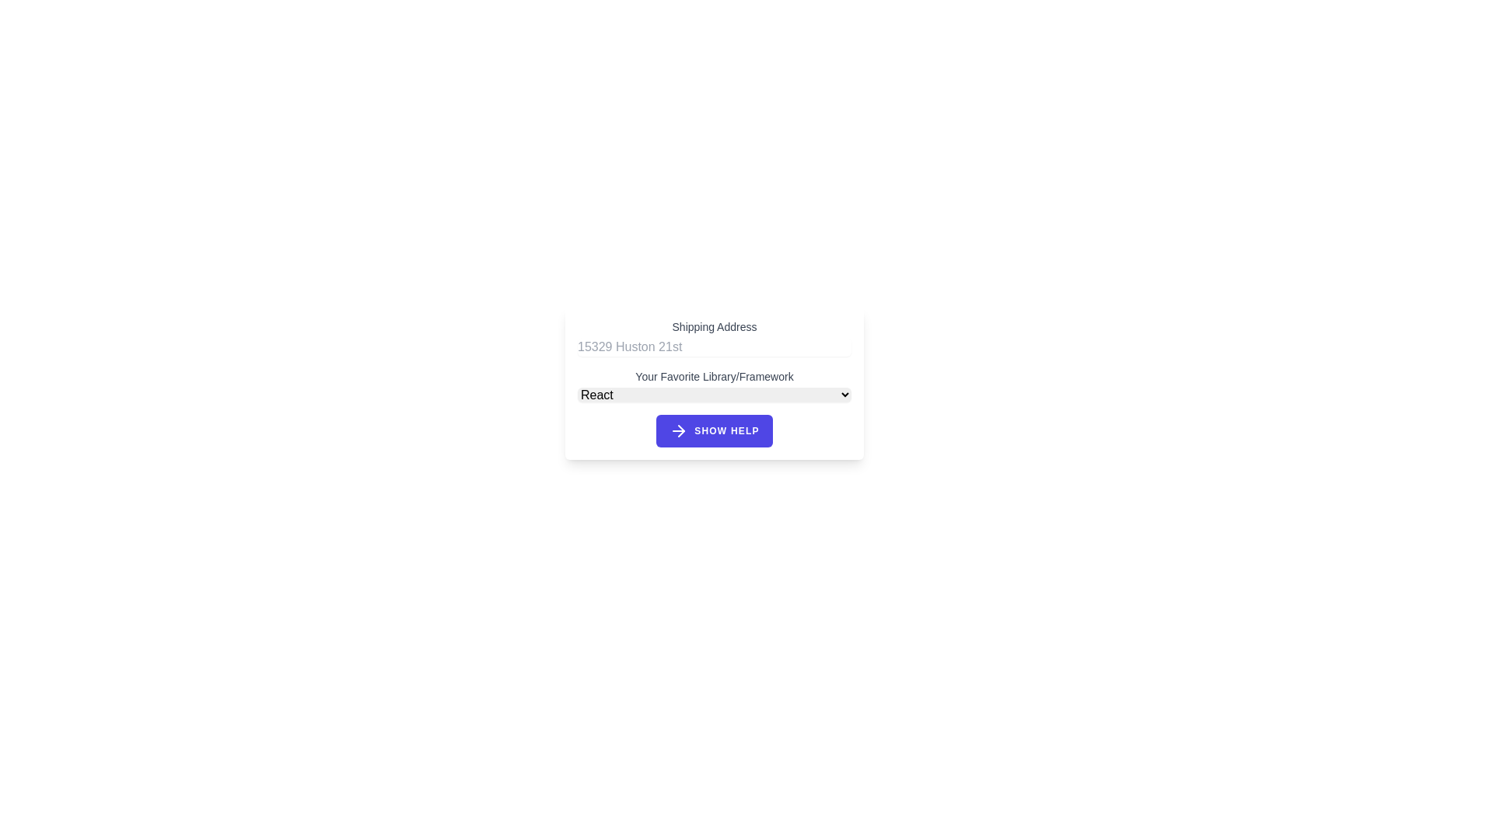 Image resolution: width=1493 pixels, height=839 pixels. I want to click on the minimalist right arrow icon, which is part of a navigation bar and is located centrally in the right portion of the UI, so click(681, 431).